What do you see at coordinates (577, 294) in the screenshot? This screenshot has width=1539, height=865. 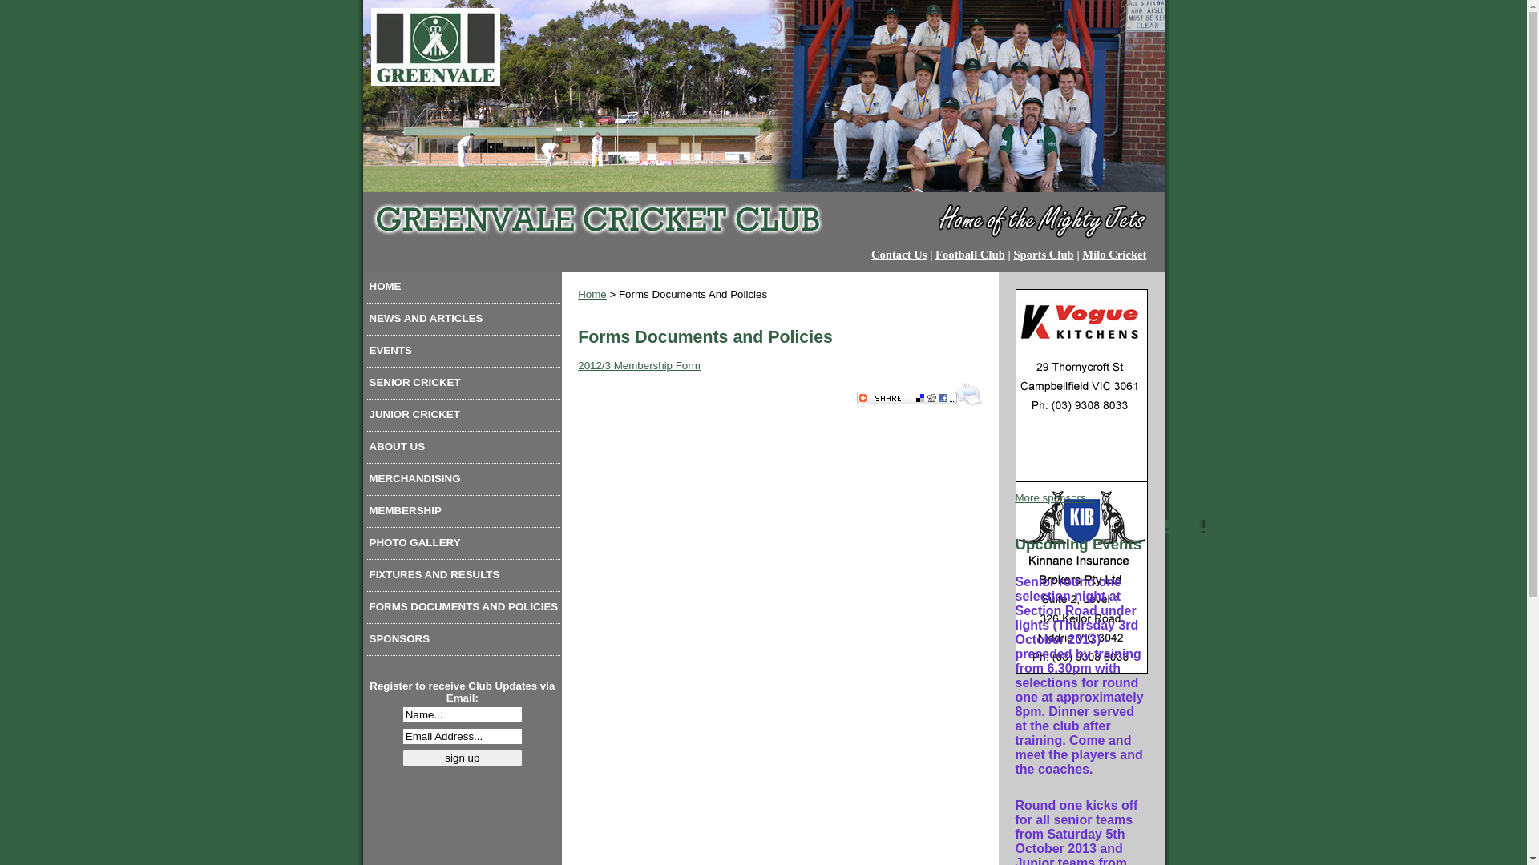 I see `'Home'` at bounding box center [577, 294].